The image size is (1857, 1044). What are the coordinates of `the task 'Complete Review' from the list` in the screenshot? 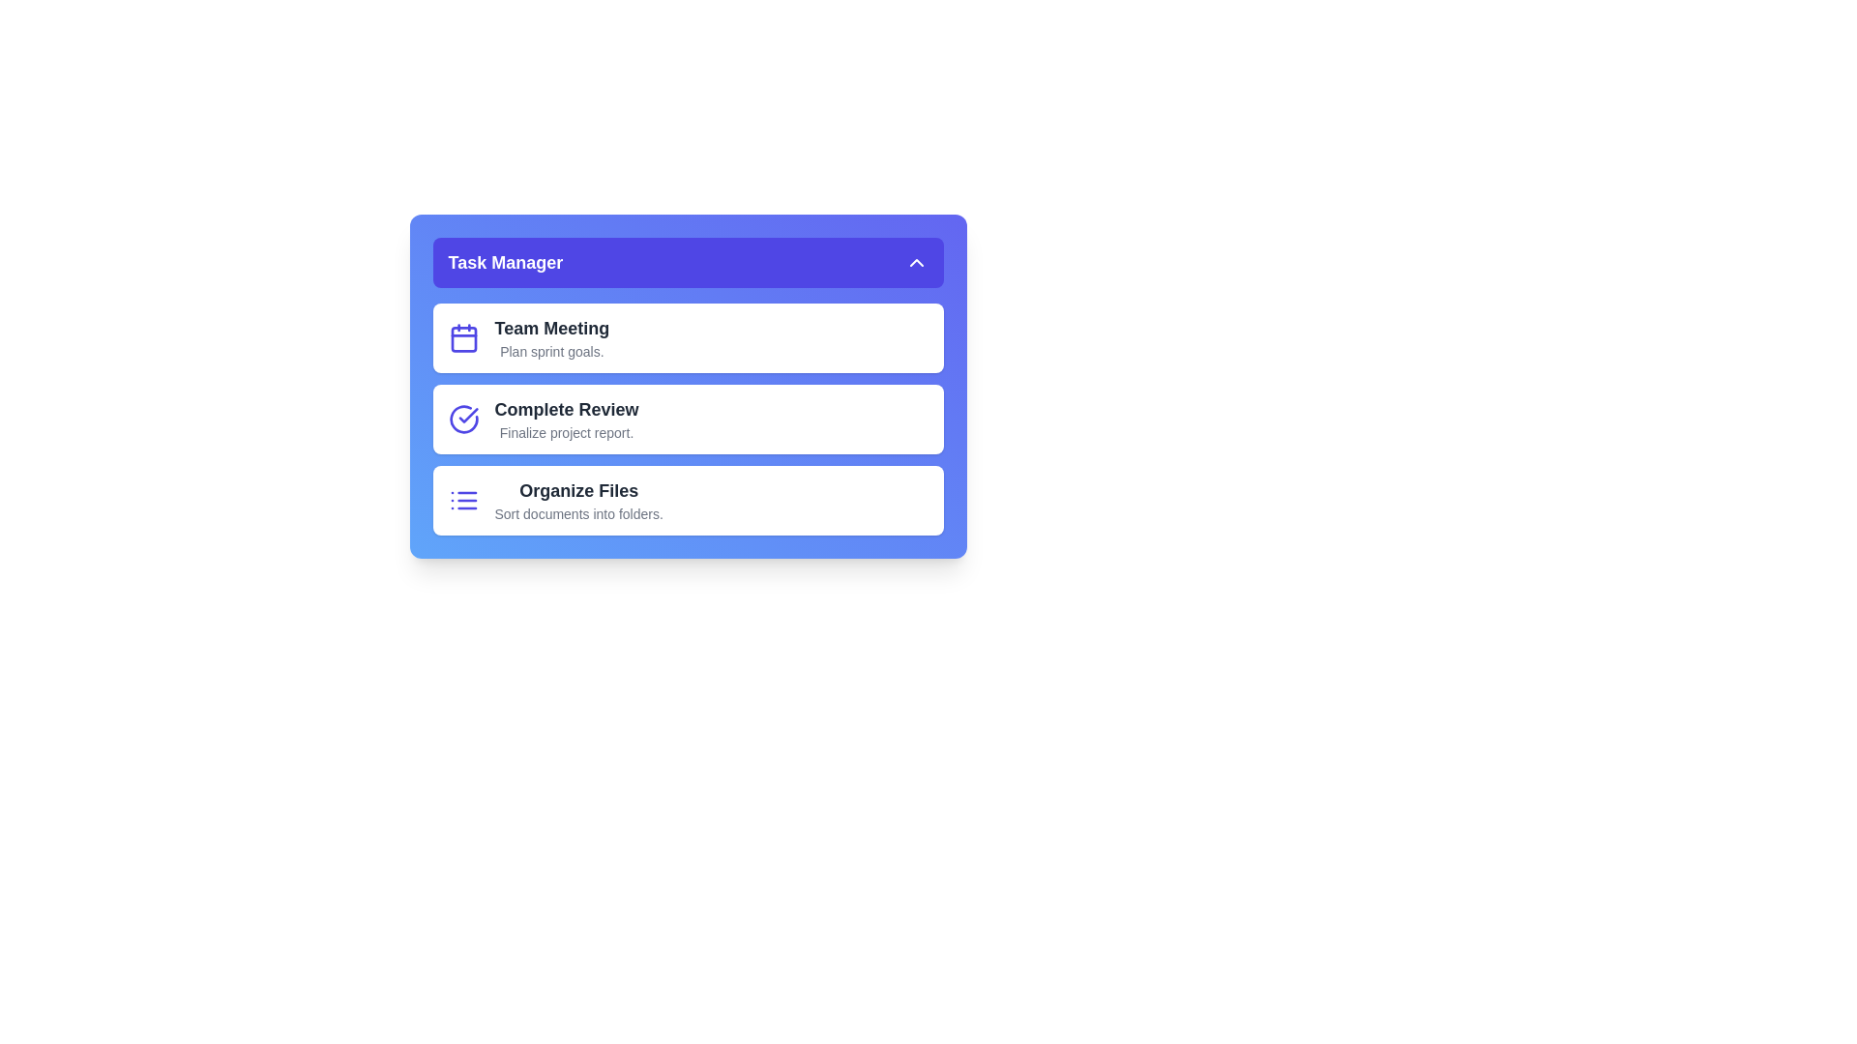 It's located at (688, 419).